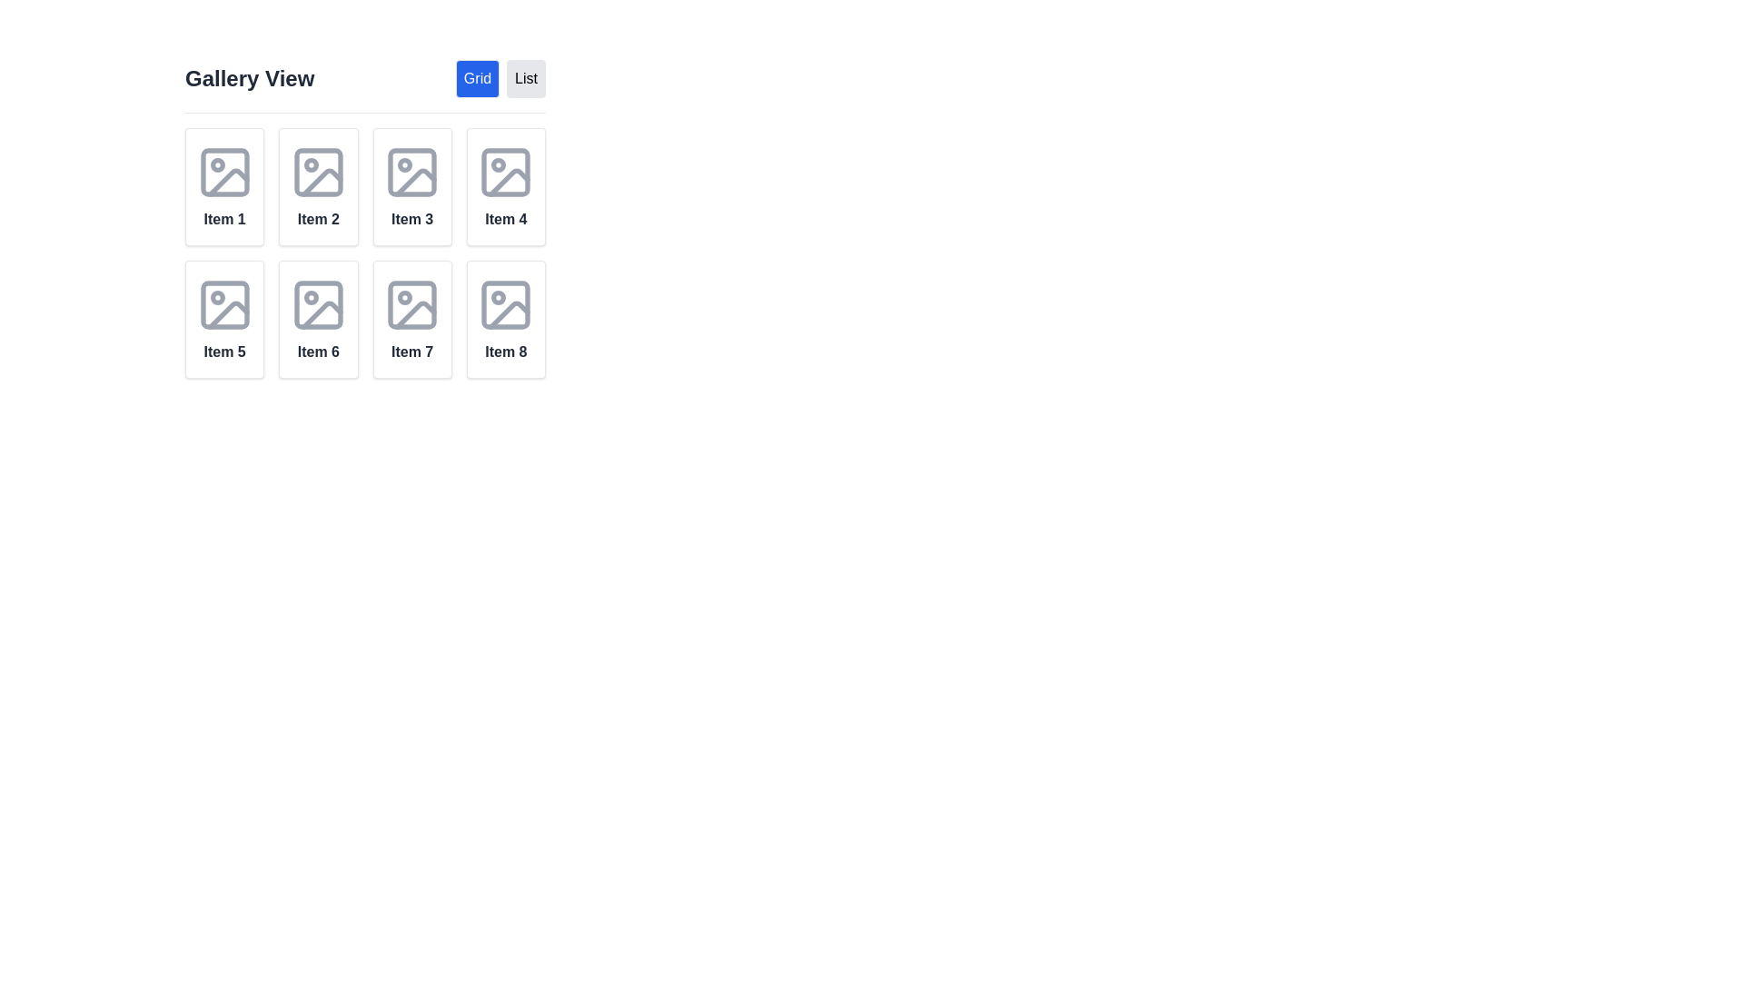  Describe the element at coordinates (223, 303) in the screenshot. I see `the outlined image icon located in the fifth item of the grid layout, positioned above the text 'Item 5'` at that location.